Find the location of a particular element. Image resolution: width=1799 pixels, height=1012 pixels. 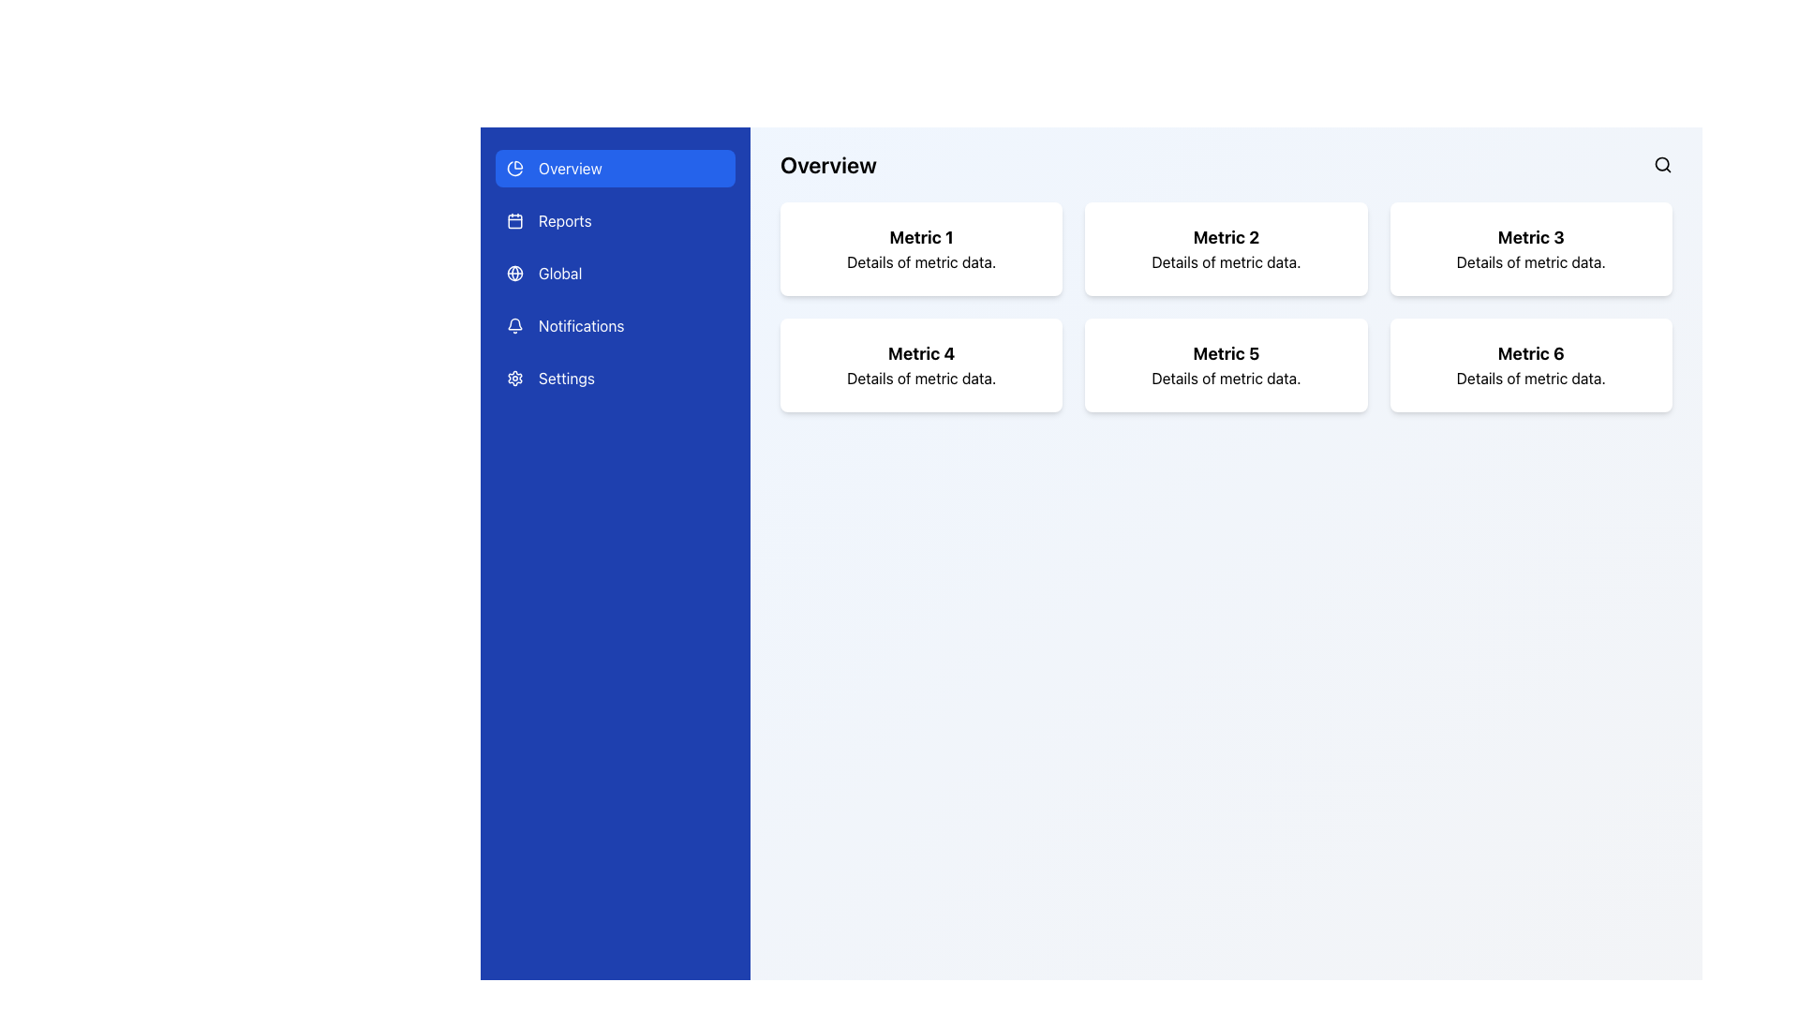

the notification icon located in the navigation sidebar, which is the first item in the horizontal layout group under the 'Notifications' menu option is located at coordinates (515, 324).